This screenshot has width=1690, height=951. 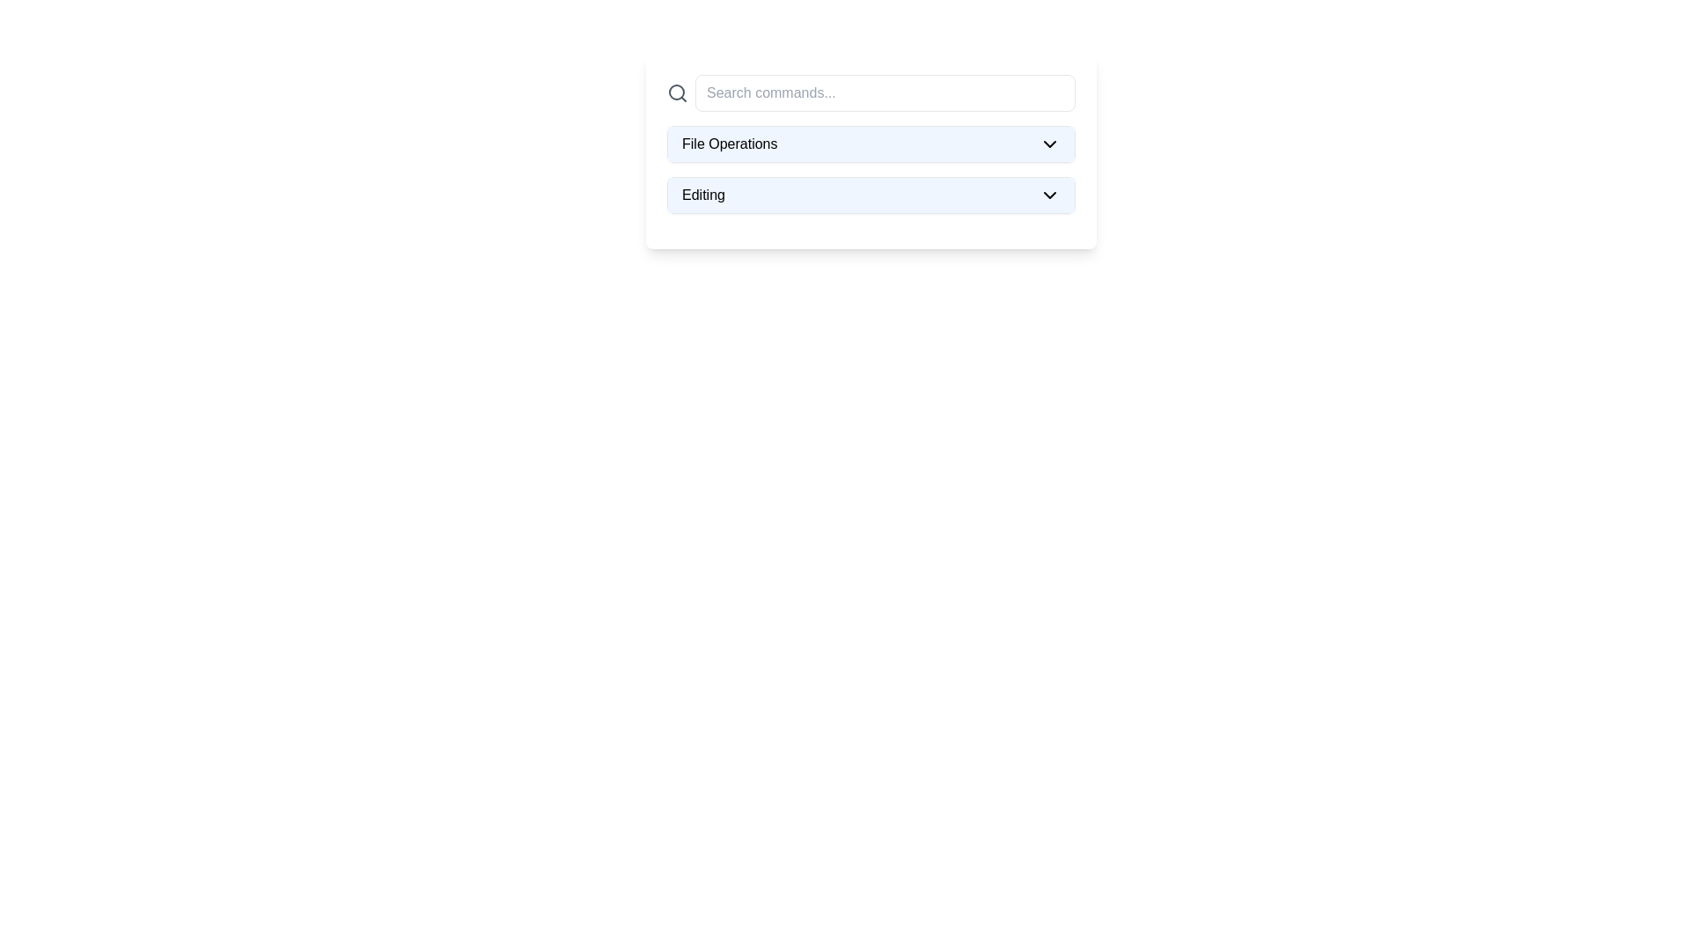 I want to click on the text label reading 'Editing' within the dropdown option, which is styled with a light blue background and aligned to the left, so click(x=702, y=195).